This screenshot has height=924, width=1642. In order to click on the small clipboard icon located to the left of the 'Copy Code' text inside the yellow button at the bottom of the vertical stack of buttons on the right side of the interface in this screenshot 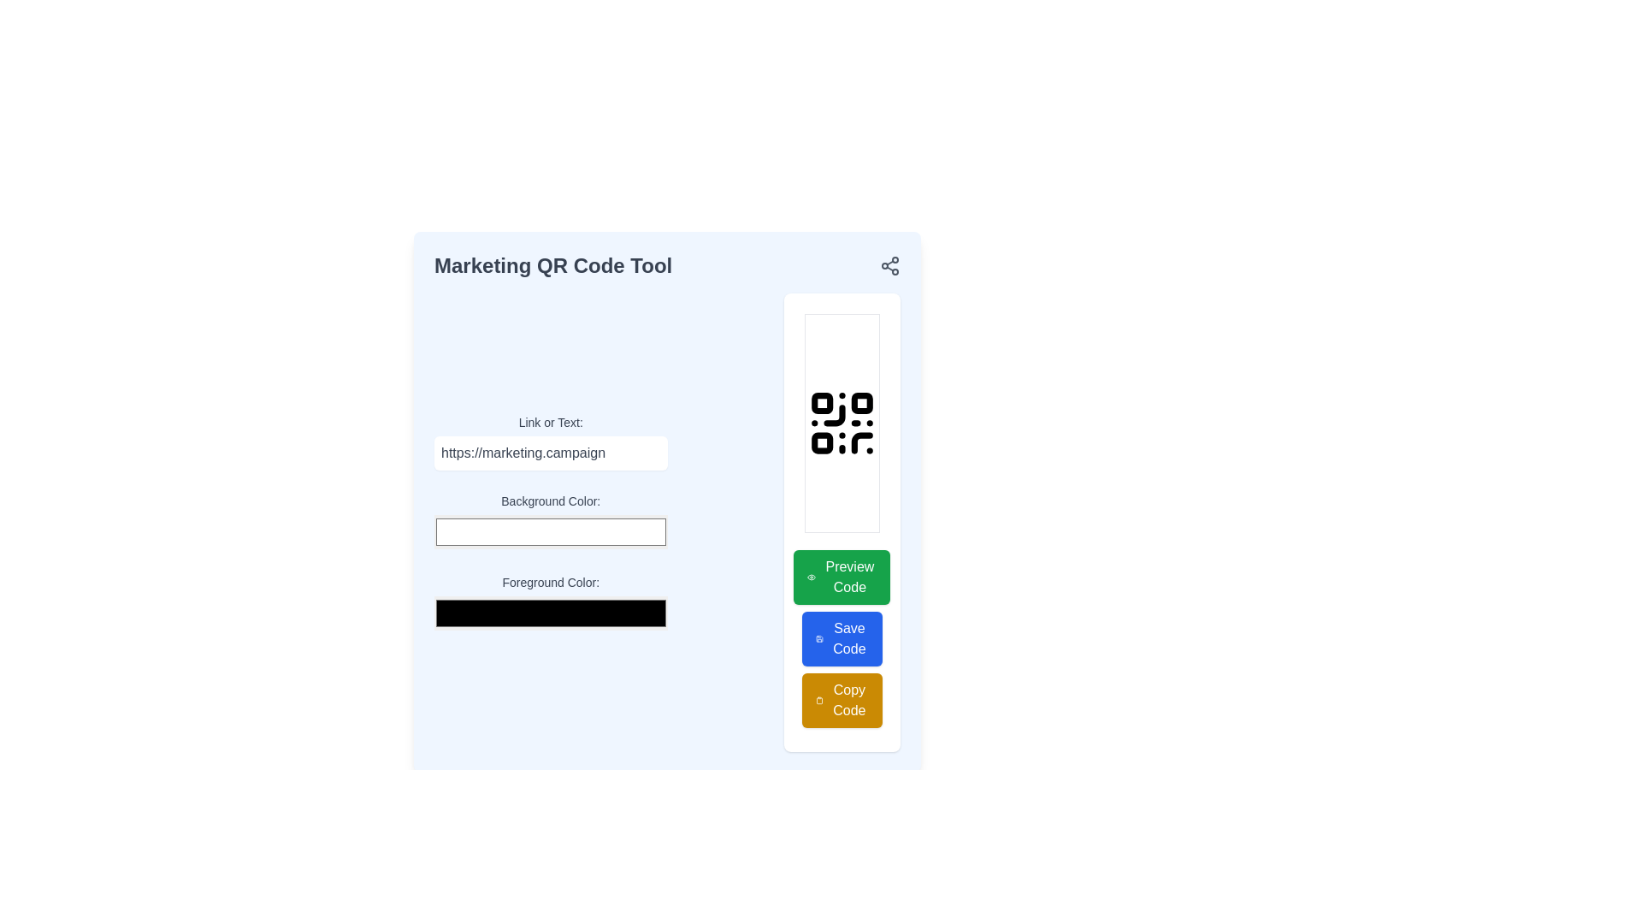, I will do `click(818, 700)`.